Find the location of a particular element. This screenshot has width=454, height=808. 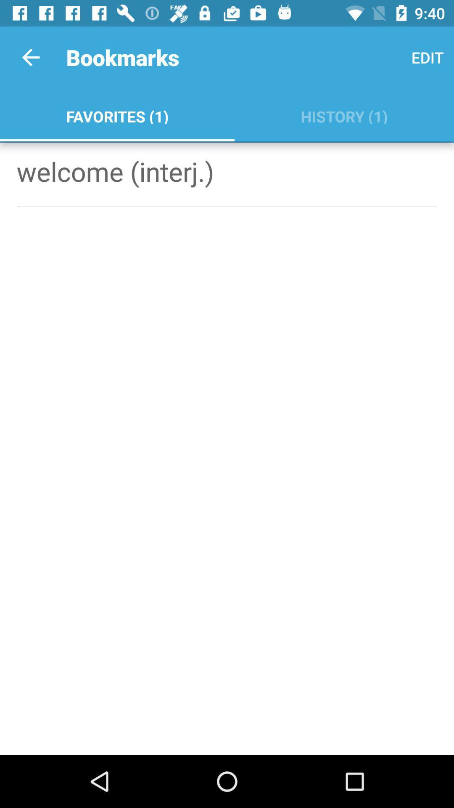

edit icon is located at coordinates (428, 57).